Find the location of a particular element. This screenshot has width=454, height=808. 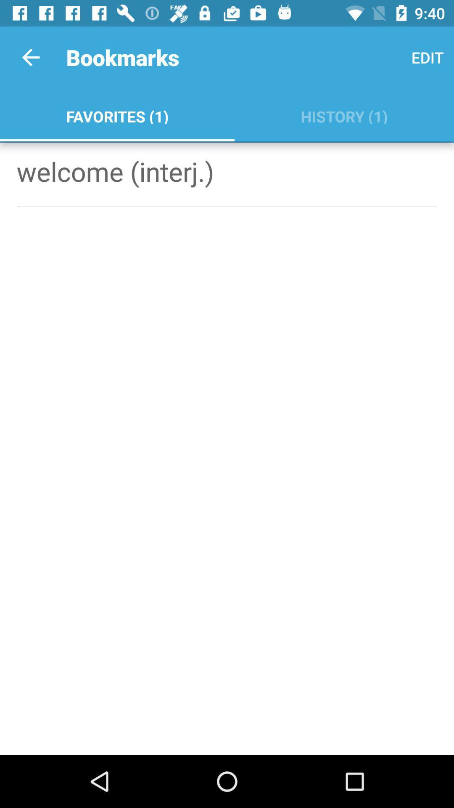

edit icon is located at coordinates (428, 57).